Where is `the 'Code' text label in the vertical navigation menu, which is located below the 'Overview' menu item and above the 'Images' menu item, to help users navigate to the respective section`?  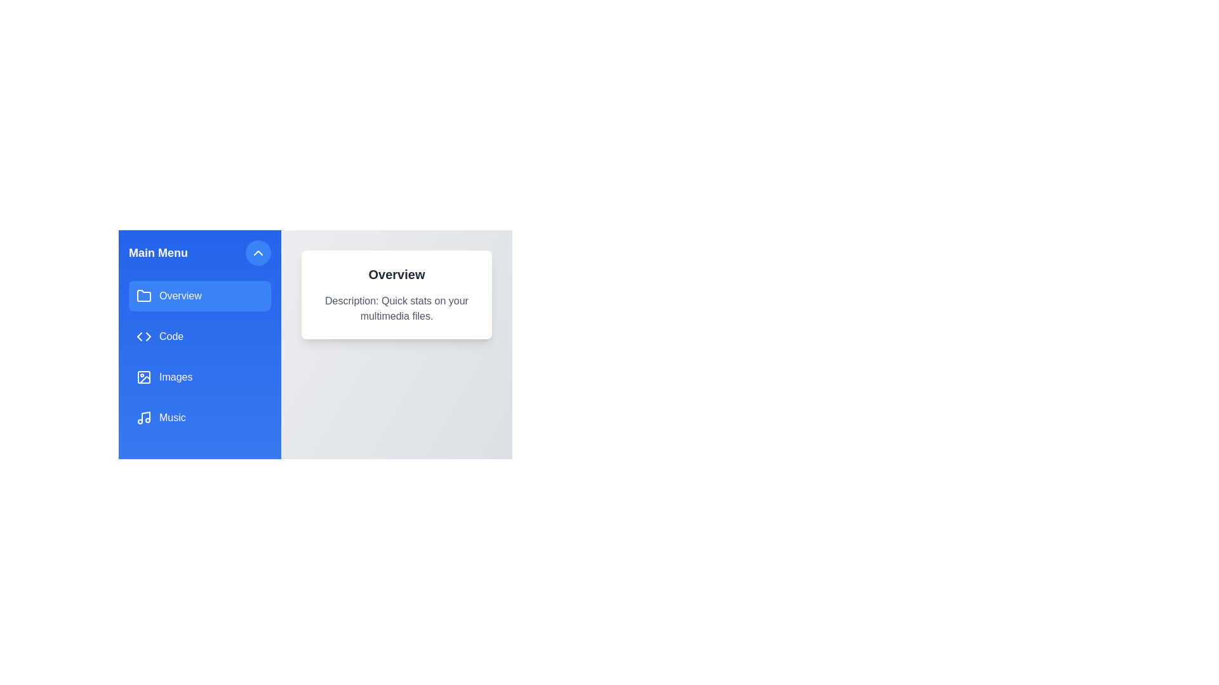
the 'Code' text label in the vertical navigation menu, which is located below the 'Overview' menu item and above the 'Images' menu item, to help users navigate to the respective section is located at coordinates (171, 336).